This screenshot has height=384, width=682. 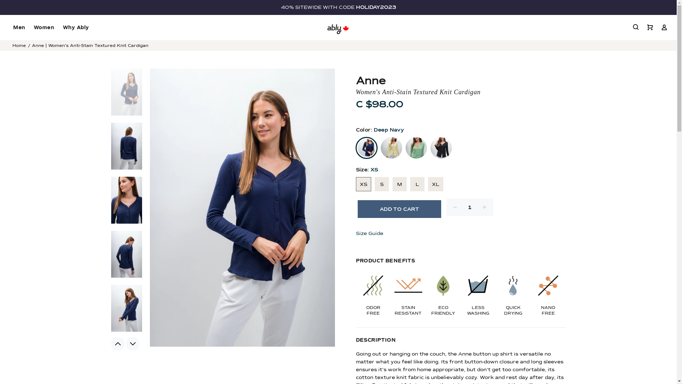 I want to click on 'Butter', so click(x=380, y=148).